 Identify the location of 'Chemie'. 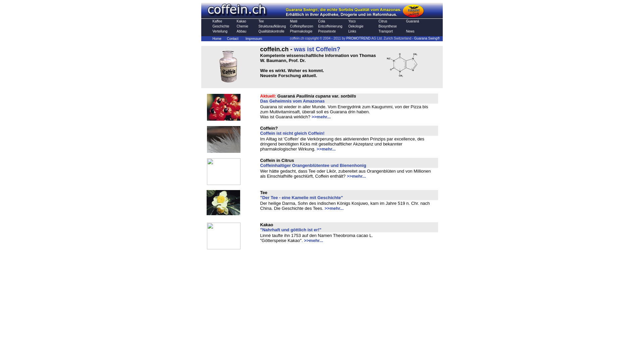
(242, 26).